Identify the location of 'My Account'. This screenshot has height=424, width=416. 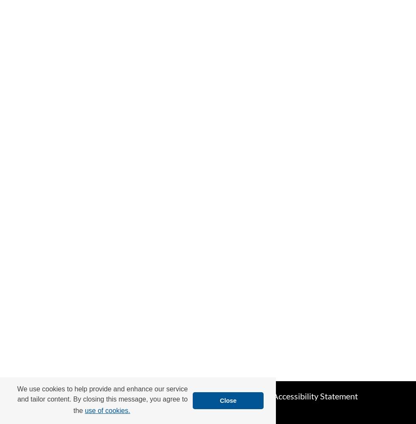
(237, 396).